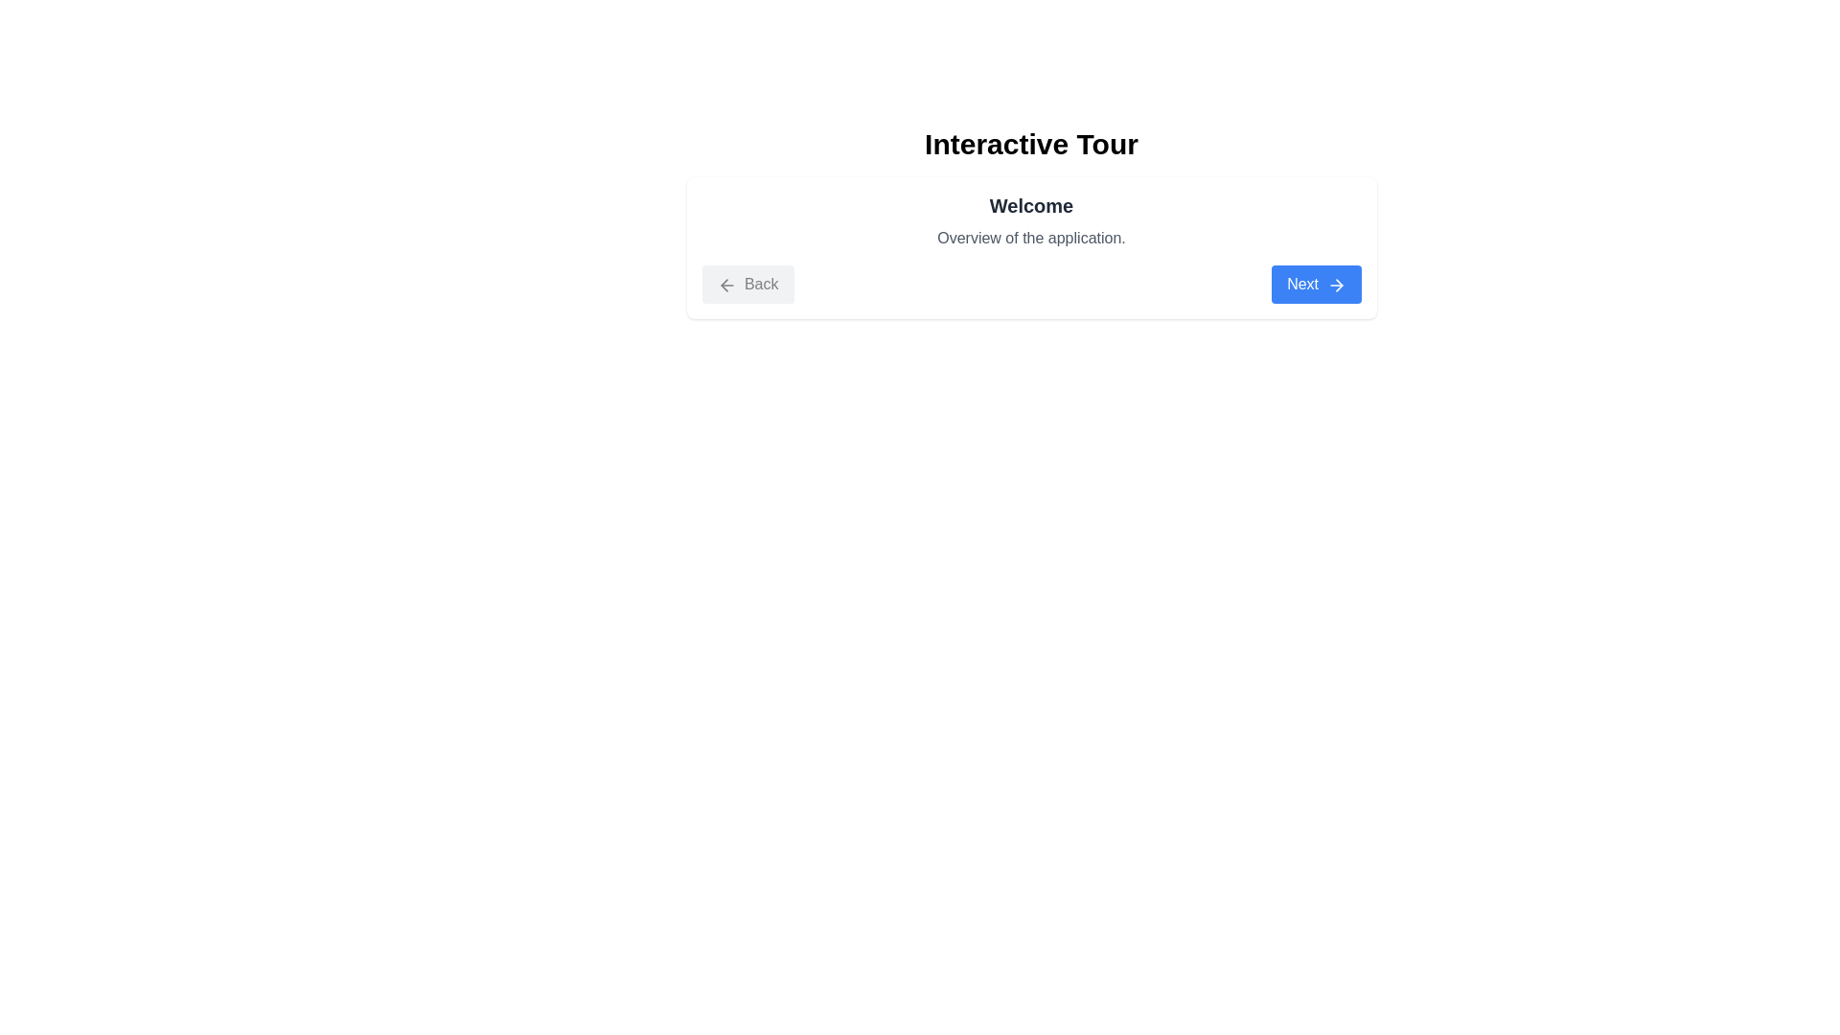 The width and height of the screenshot is (1840, 1035). What do you see at coordinates (1335, 285) in the screenshot?
I see `the forward action arrow icon located immediately to the right of the 'Next' button within the blue rounded button at the bottom-right corner of the card` at bounding box center [1335, 285].